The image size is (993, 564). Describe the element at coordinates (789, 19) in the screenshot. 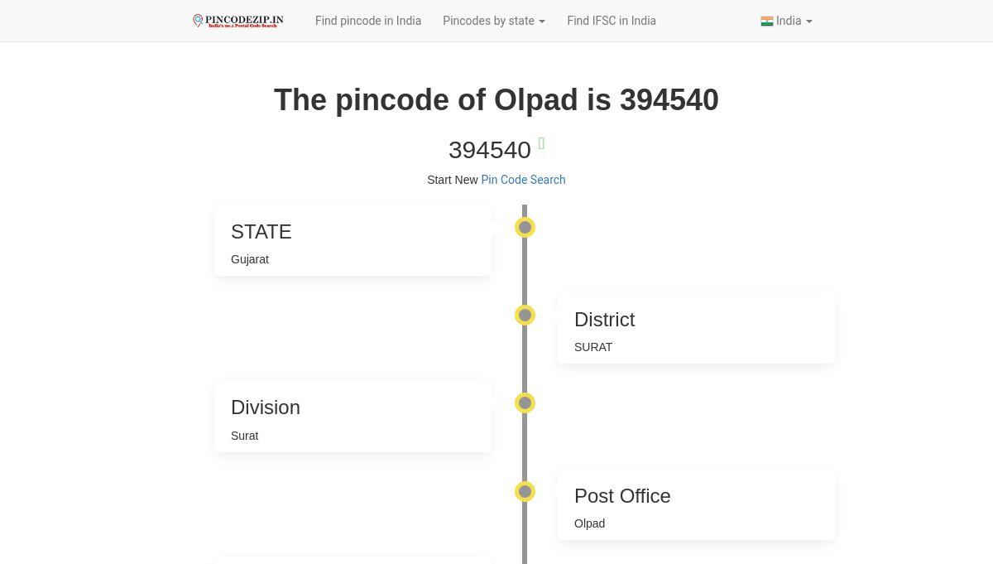

I see `'India'` at that location.